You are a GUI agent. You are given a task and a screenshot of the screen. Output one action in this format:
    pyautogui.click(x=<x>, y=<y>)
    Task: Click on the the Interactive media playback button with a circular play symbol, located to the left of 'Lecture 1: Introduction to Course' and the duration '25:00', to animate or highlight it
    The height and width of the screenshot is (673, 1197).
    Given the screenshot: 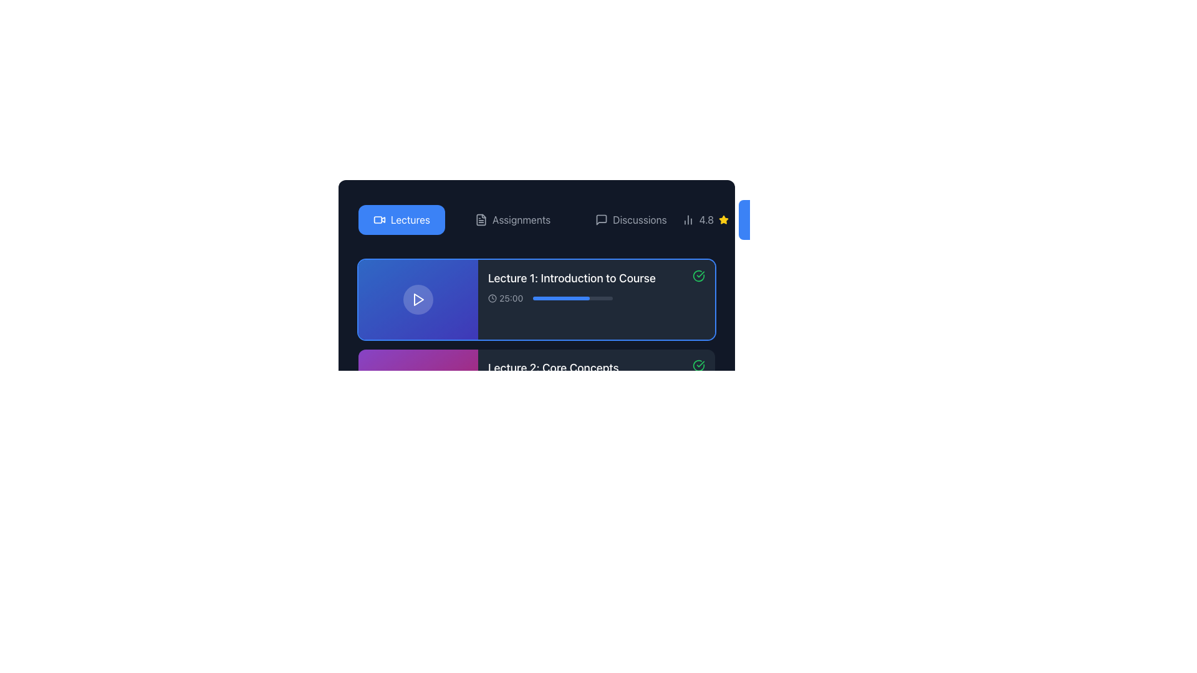 What is the action you would take?
    pyautogui.click(x=418, y=300)
    